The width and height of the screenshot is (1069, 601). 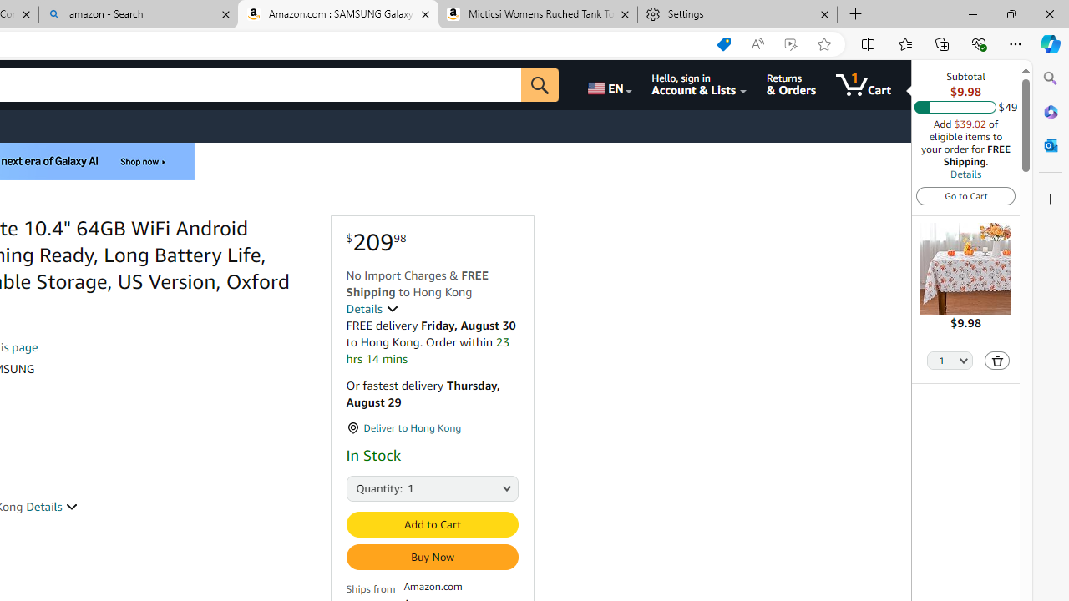 What do you see at coordinates (432, 523) in the screenshot?
I see `'Add to Cart'` at bounding box center [432, 523].